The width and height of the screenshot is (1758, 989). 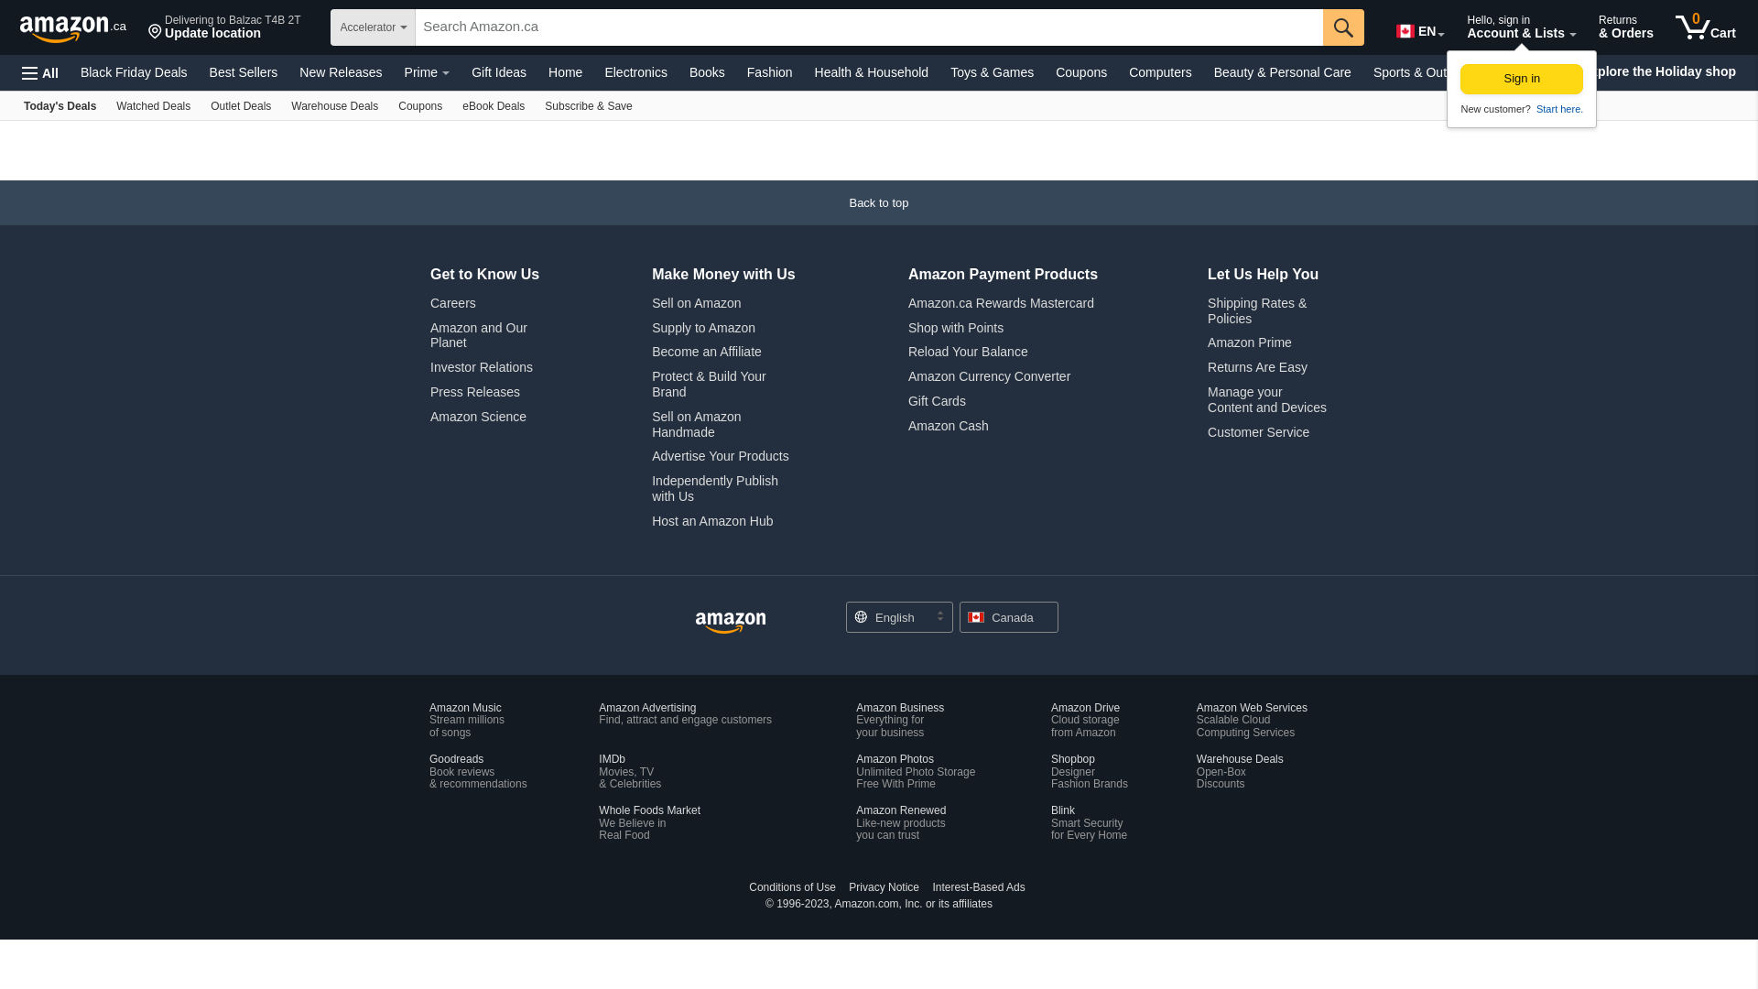 What do you see at coordinates (1557, 109) in the screenshot?
I see `'Start here.'` at bounding box center [1557, 109].